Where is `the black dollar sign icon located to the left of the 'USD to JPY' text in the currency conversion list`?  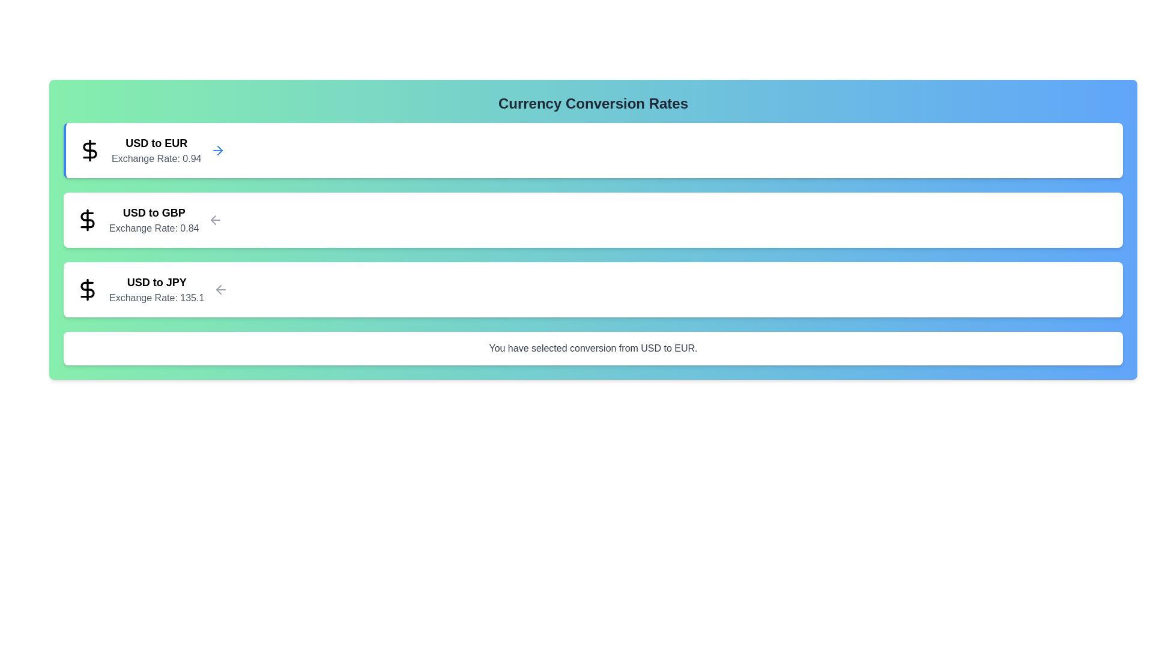
the black dollar sign icon located to the left of the 'USD to JPY' text in the currency conversion list is located at coordinates (86, 289).